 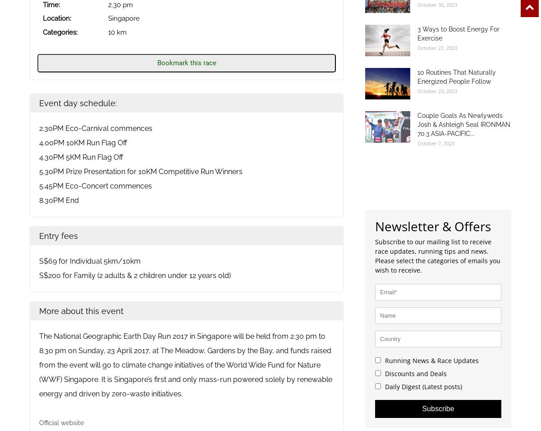 I want to click on 'Time:', so click(x=43, y=4).